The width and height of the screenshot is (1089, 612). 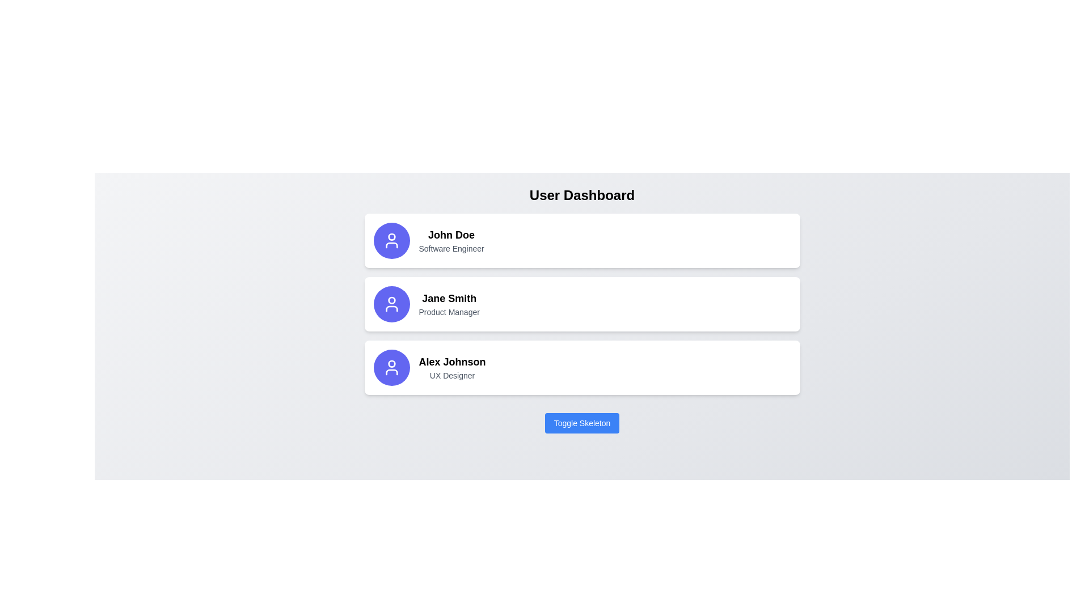 I want to click on user name and professional title displayed in the text element located in the topmost card of the vertical stack under the 'User Dashboard' heading, positioned to the right of a circular purple icon with a user silhouette, so click(x=451, y=240).